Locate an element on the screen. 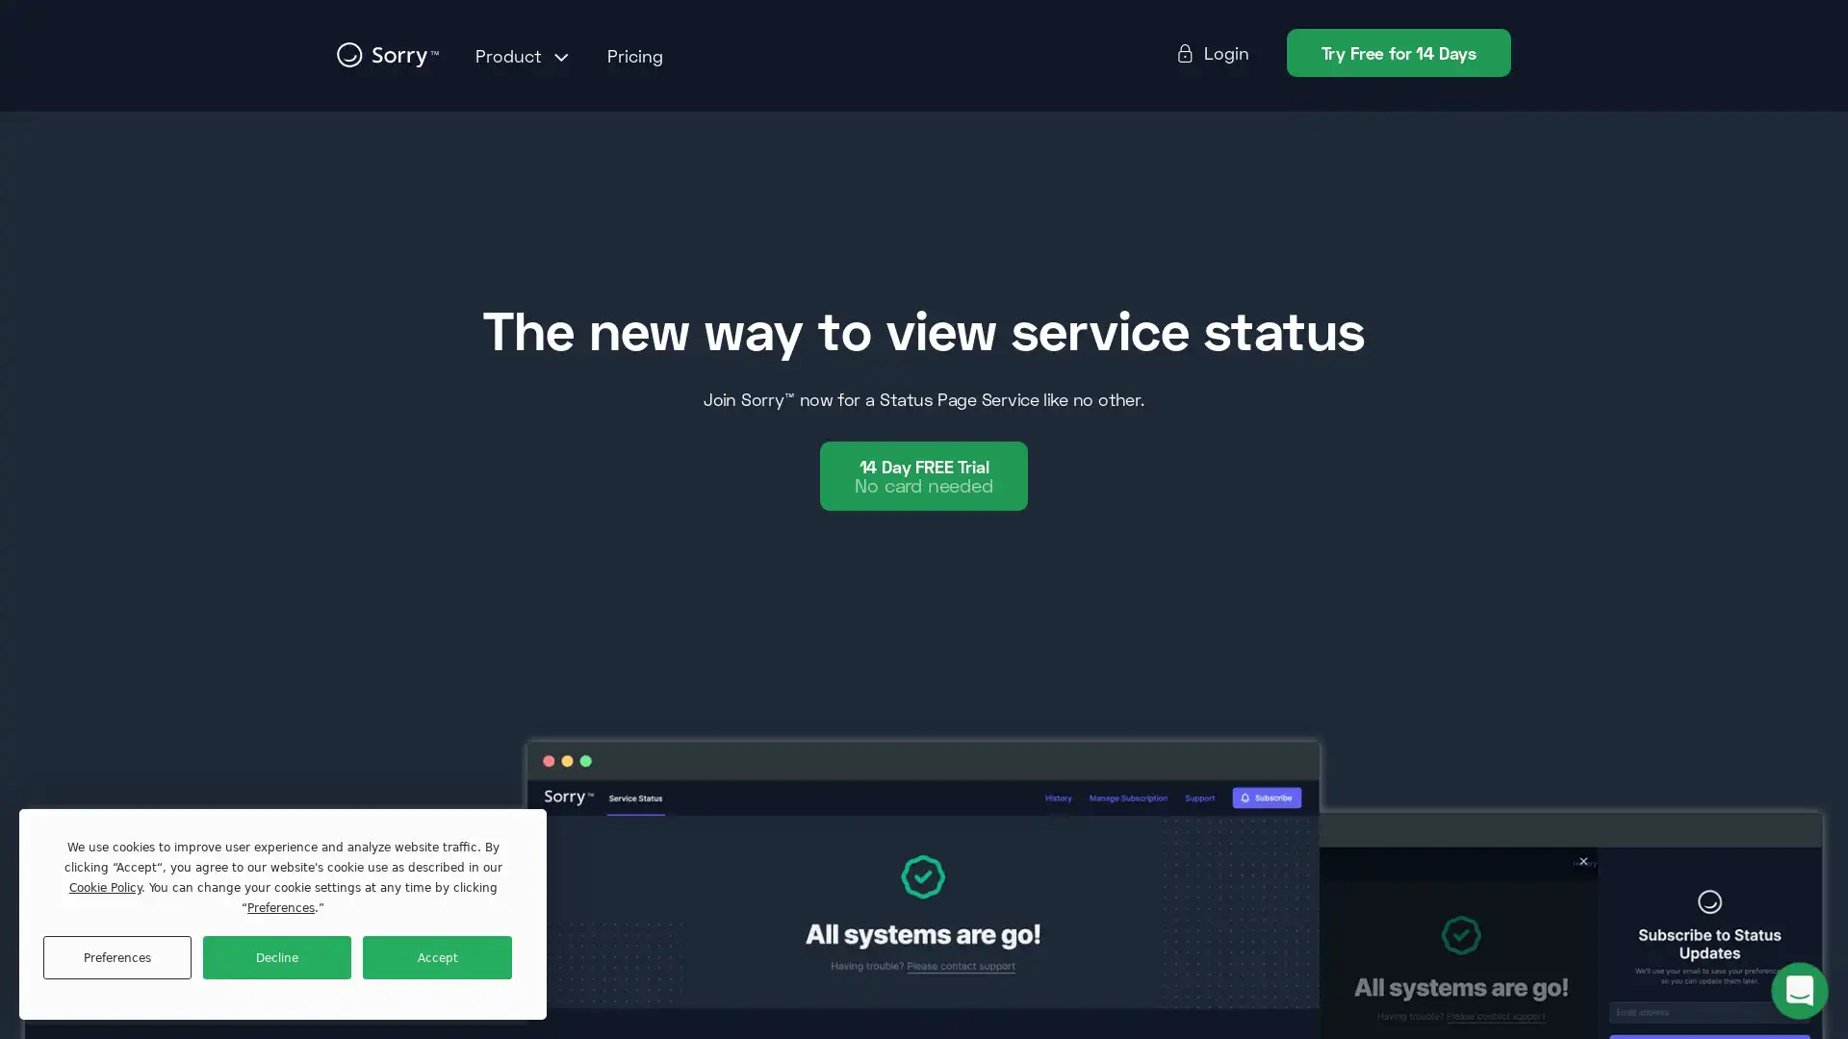  Preferences is located at coordinates (115, 957).